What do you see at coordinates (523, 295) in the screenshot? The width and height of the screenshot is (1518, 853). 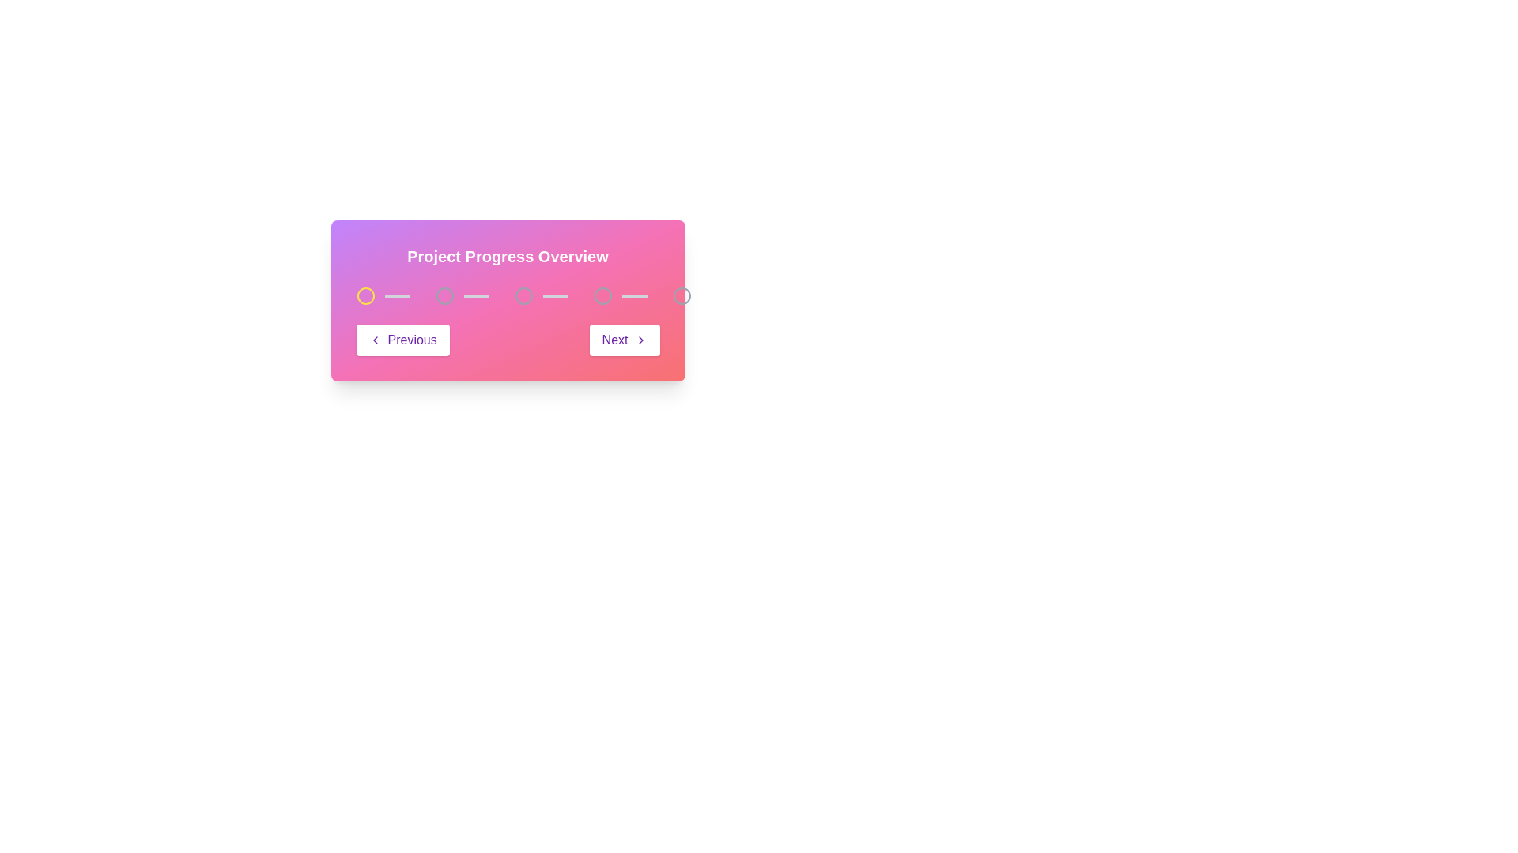 I see `the second circular progress indicator segment to indicate a step in the process` at bounding box center [523, 295].